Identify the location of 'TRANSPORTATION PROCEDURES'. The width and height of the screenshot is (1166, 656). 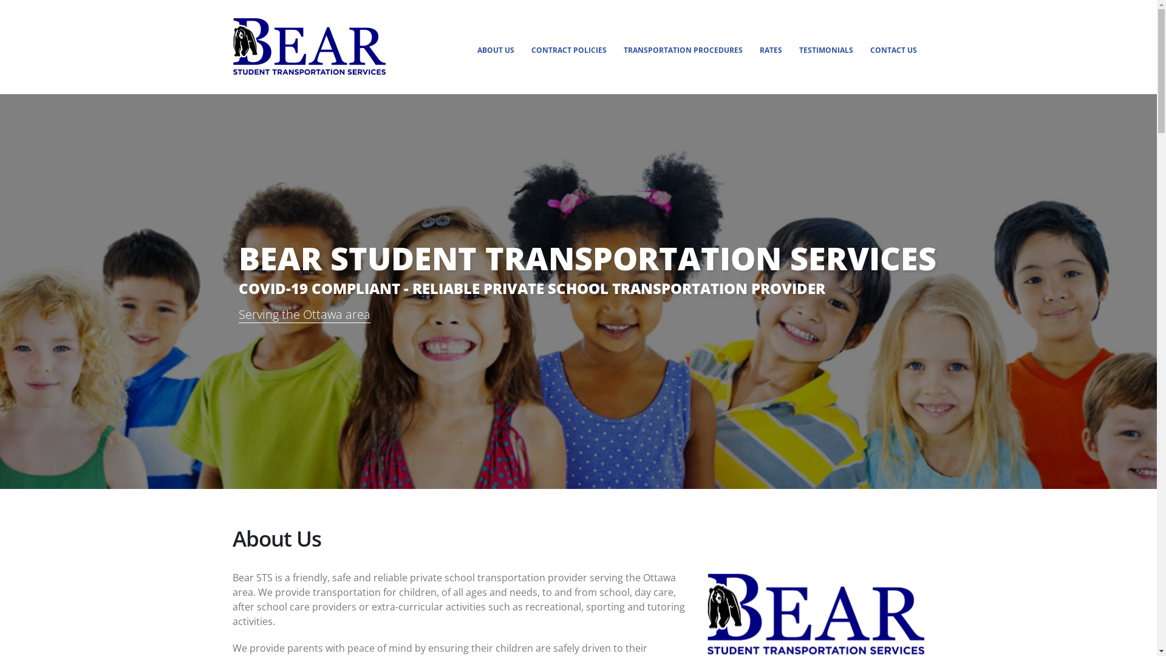
(683, 50).